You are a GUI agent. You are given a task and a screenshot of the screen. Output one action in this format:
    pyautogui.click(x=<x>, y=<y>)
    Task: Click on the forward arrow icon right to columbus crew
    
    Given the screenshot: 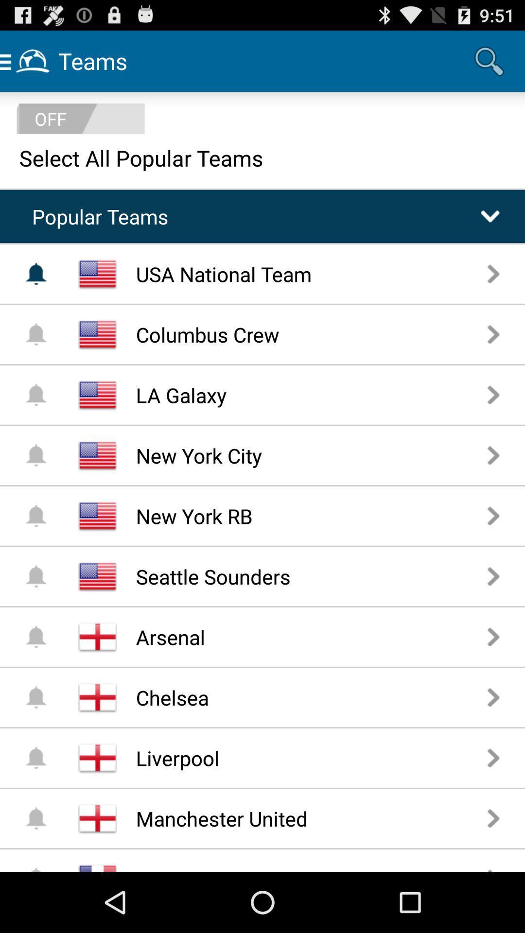 What is the action you would take?
    pyautogui.click(x=493, y=334)
    